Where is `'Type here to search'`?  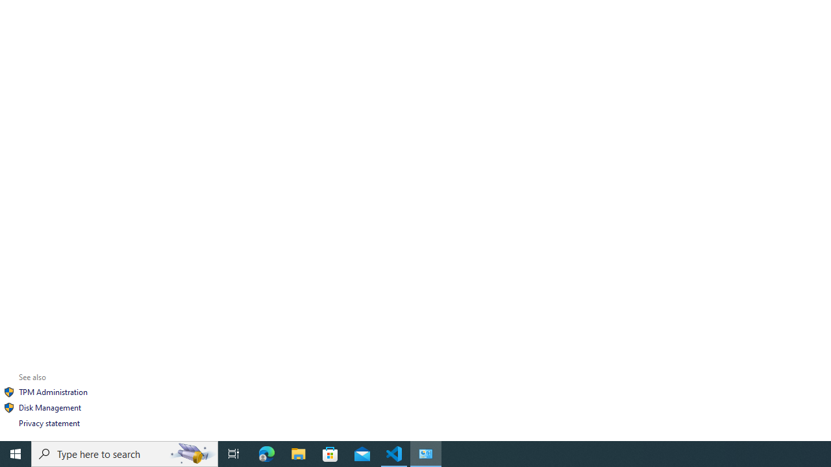
'Type here to search' is located at coordinates (125, 453).